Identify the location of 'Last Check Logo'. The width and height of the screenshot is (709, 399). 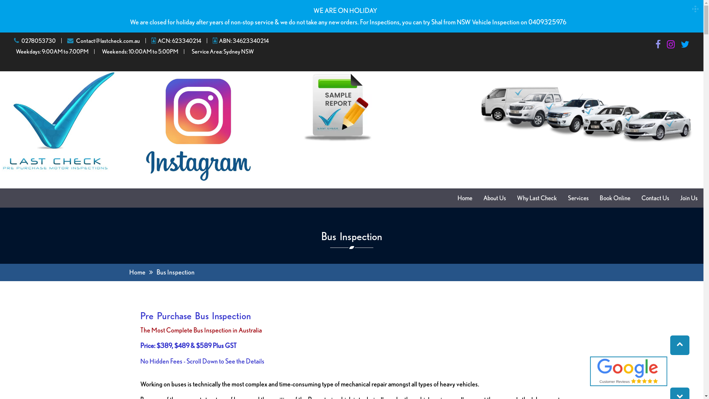
(58, 121).